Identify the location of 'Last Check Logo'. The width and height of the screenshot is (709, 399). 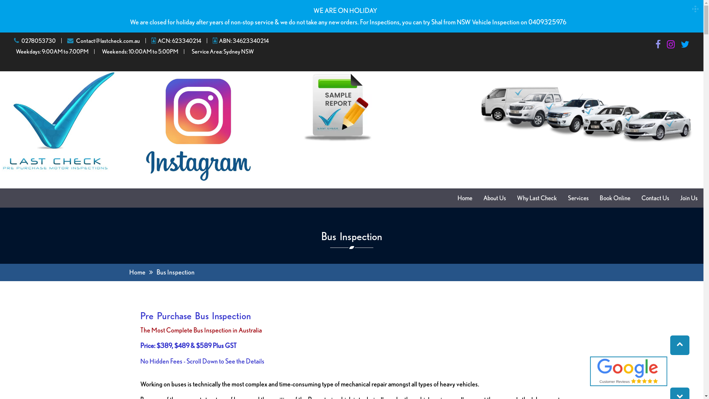
(58, 121).